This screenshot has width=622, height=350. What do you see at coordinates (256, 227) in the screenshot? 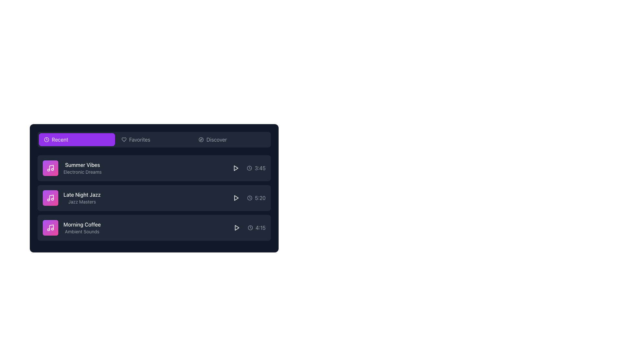
I see `the displayed duration of the 'Morning Coffee' item, which is indicated by the Duration indicator located at the far-right corner of the third row in the vertically stacked list` at bounding box center [256, 227].